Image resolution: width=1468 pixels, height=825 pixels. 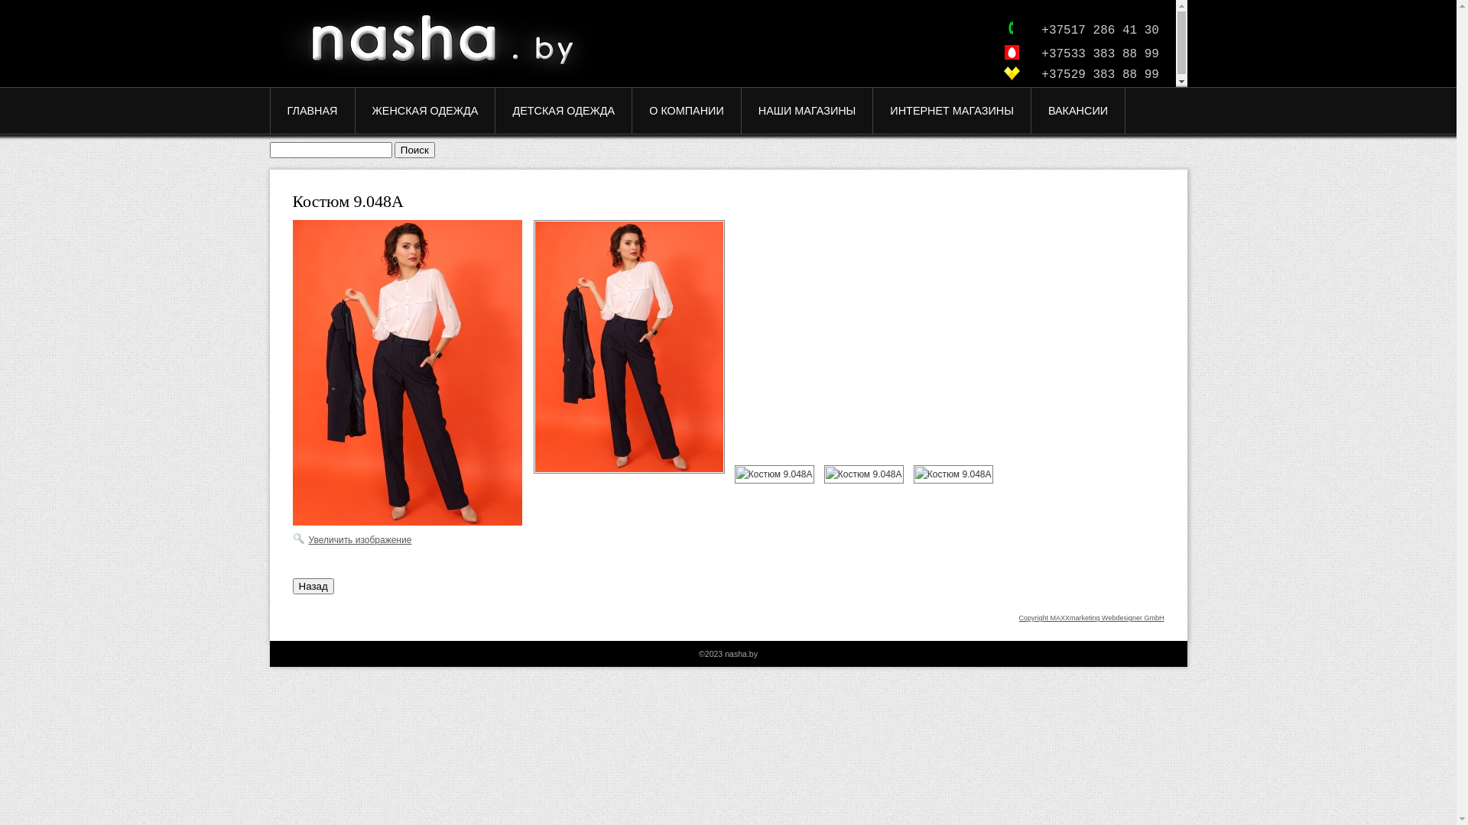 I want to click on 'Copyright MAXXmarketing Webdesigner GmbH', so click(x=1090, y=617).